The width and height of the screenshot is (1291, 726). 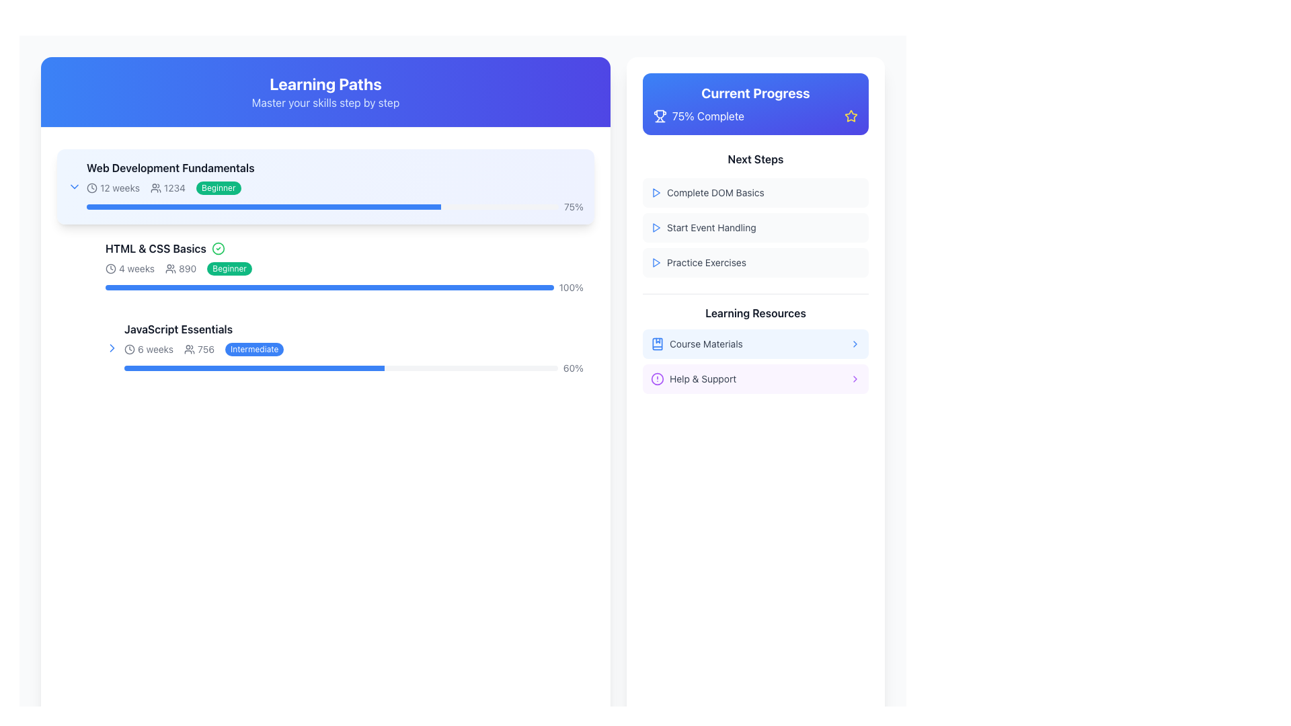 I want to click on the 'Course Materials' text label, which is the first item in the 'Learning Resources' section under the 'Current Progress' panel, so click(x=697, y=344).